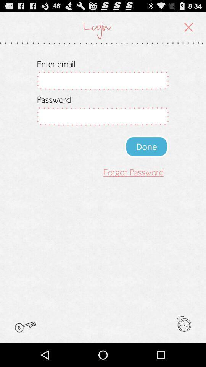 Image resolution: width=206 pixels, height=367 pixels. I want to click on the icon on the right, so click(146, 146).